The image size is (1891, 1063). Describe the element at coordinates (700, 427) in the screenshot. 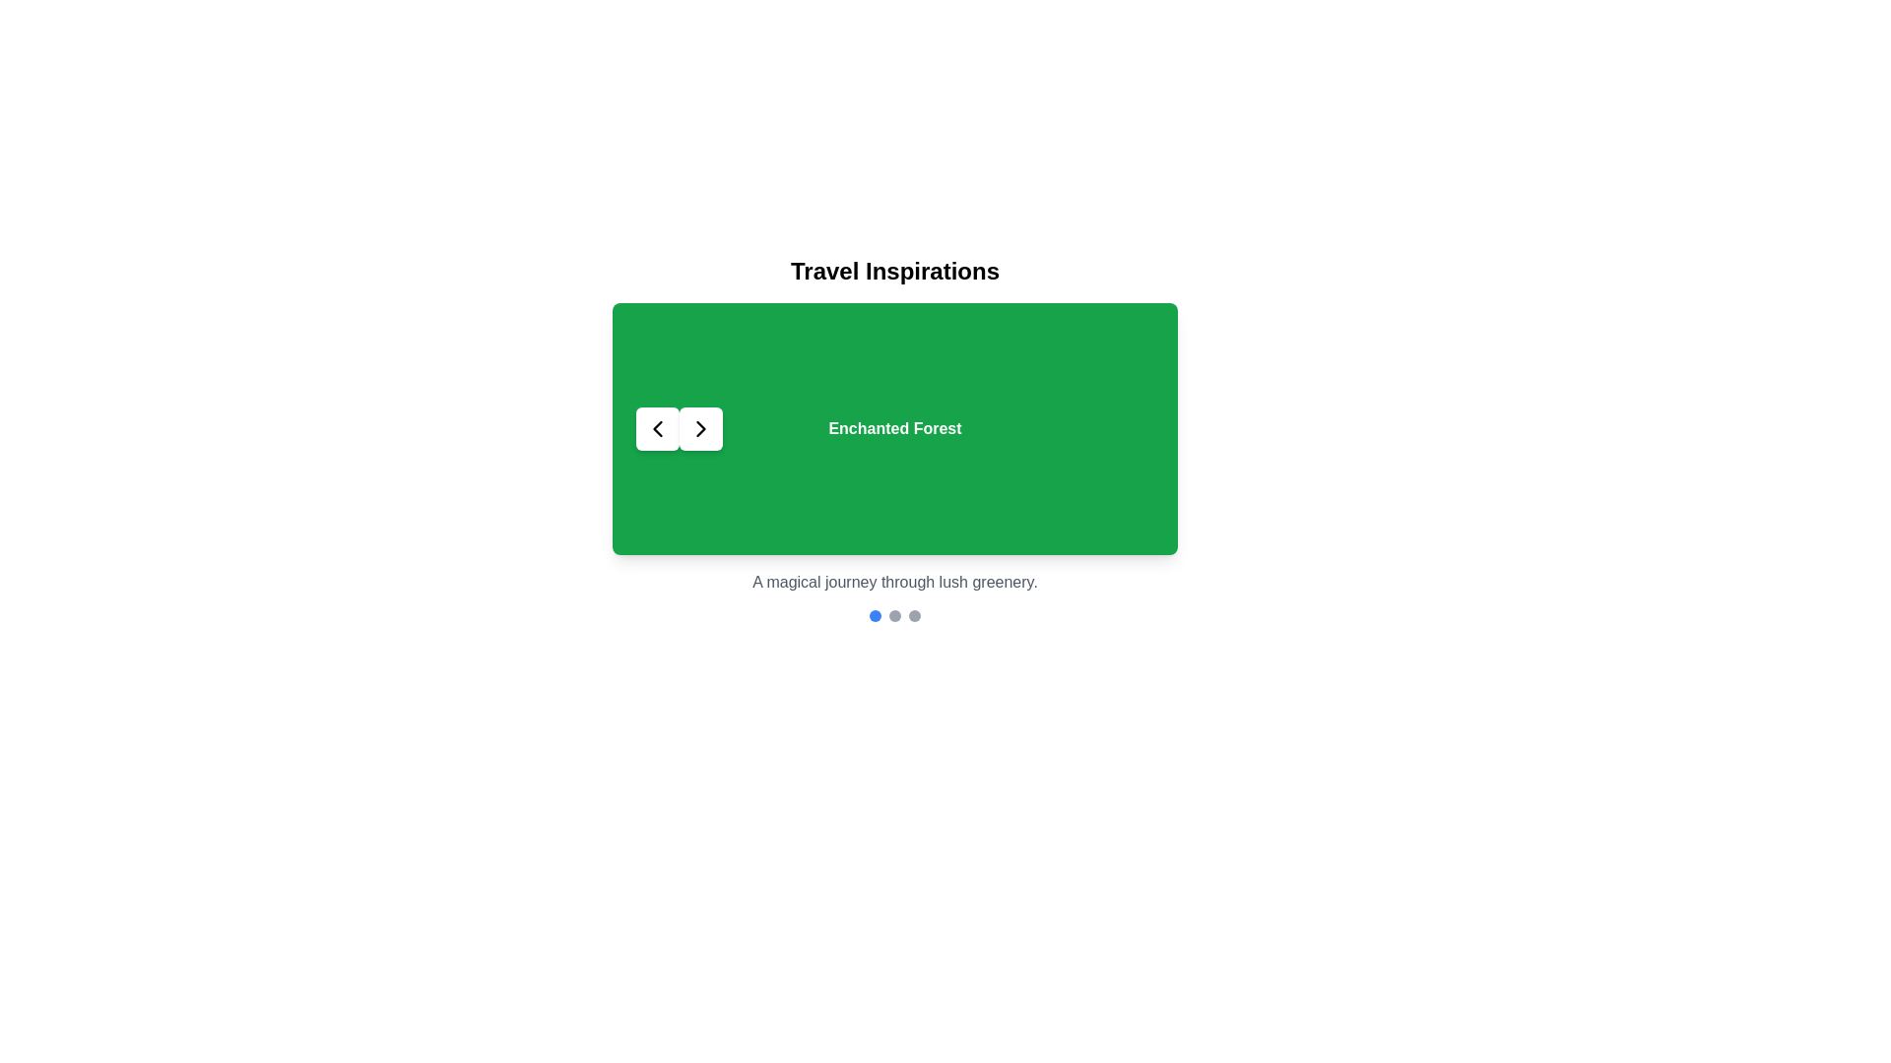

I see `the rightward-pointing chevron arrow outlined in black, located within the 'chevron right' navigation button at the lower left of the main green card section` at that location.